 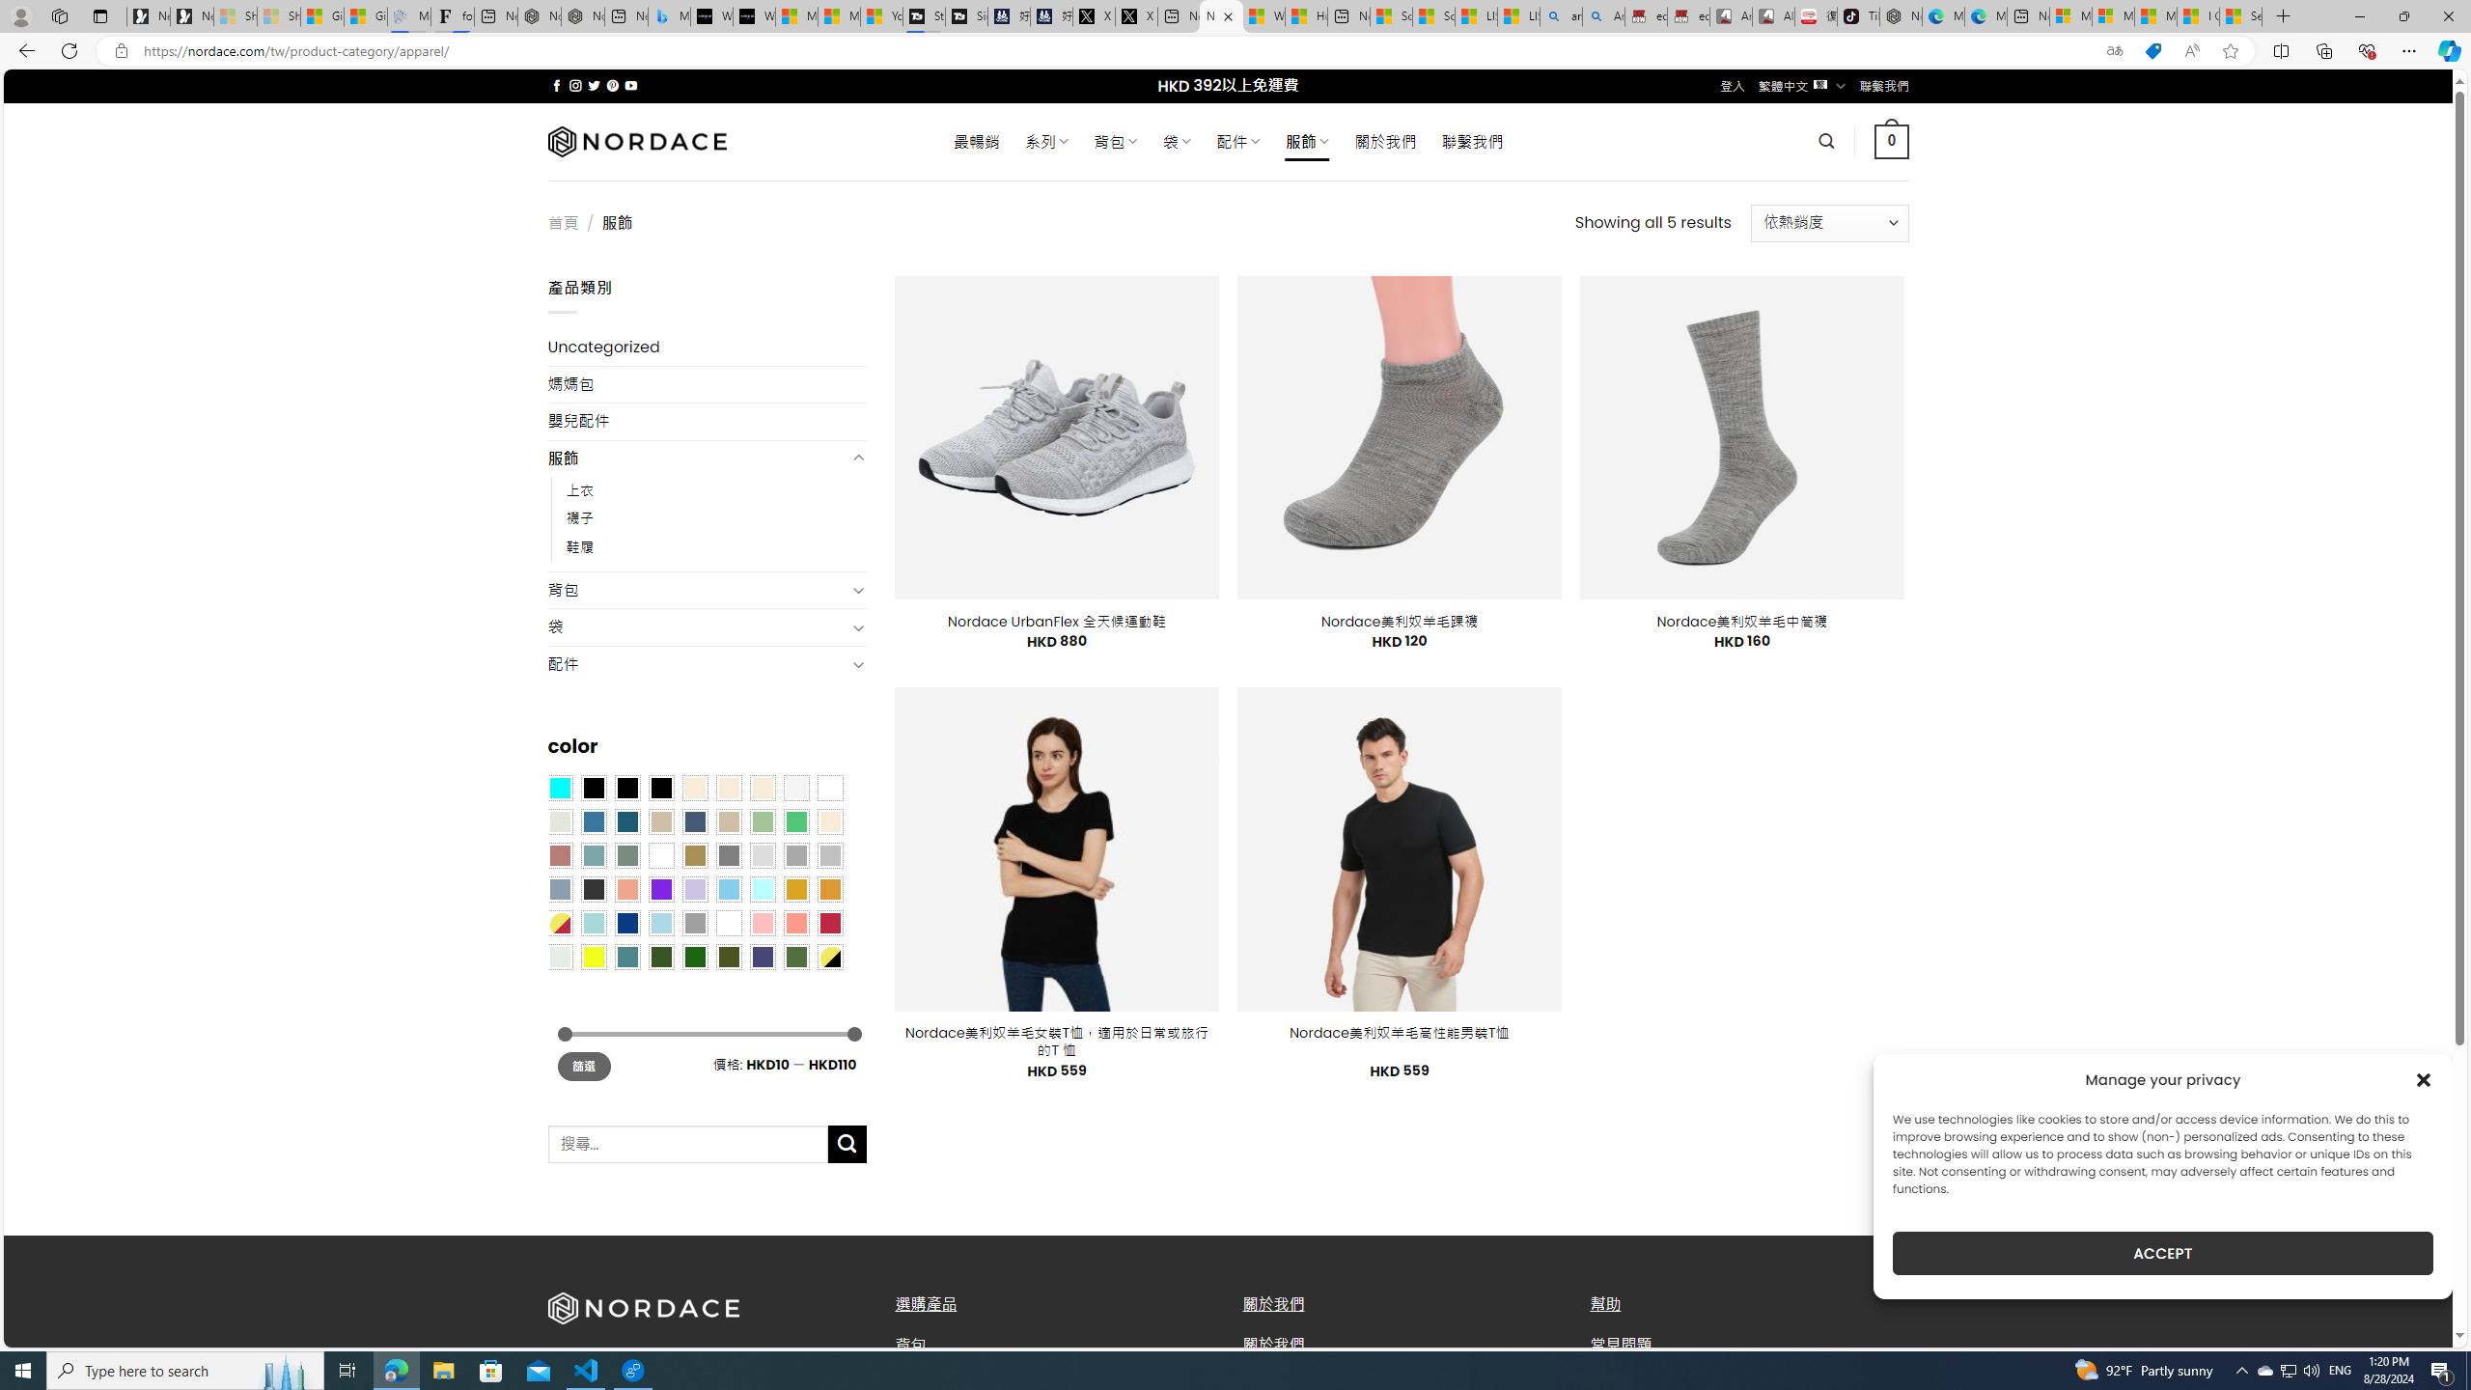 What do you see at coordinates (763, 787) in the screenshot?
I see `'Cream'` at bounding box center [763, 787].